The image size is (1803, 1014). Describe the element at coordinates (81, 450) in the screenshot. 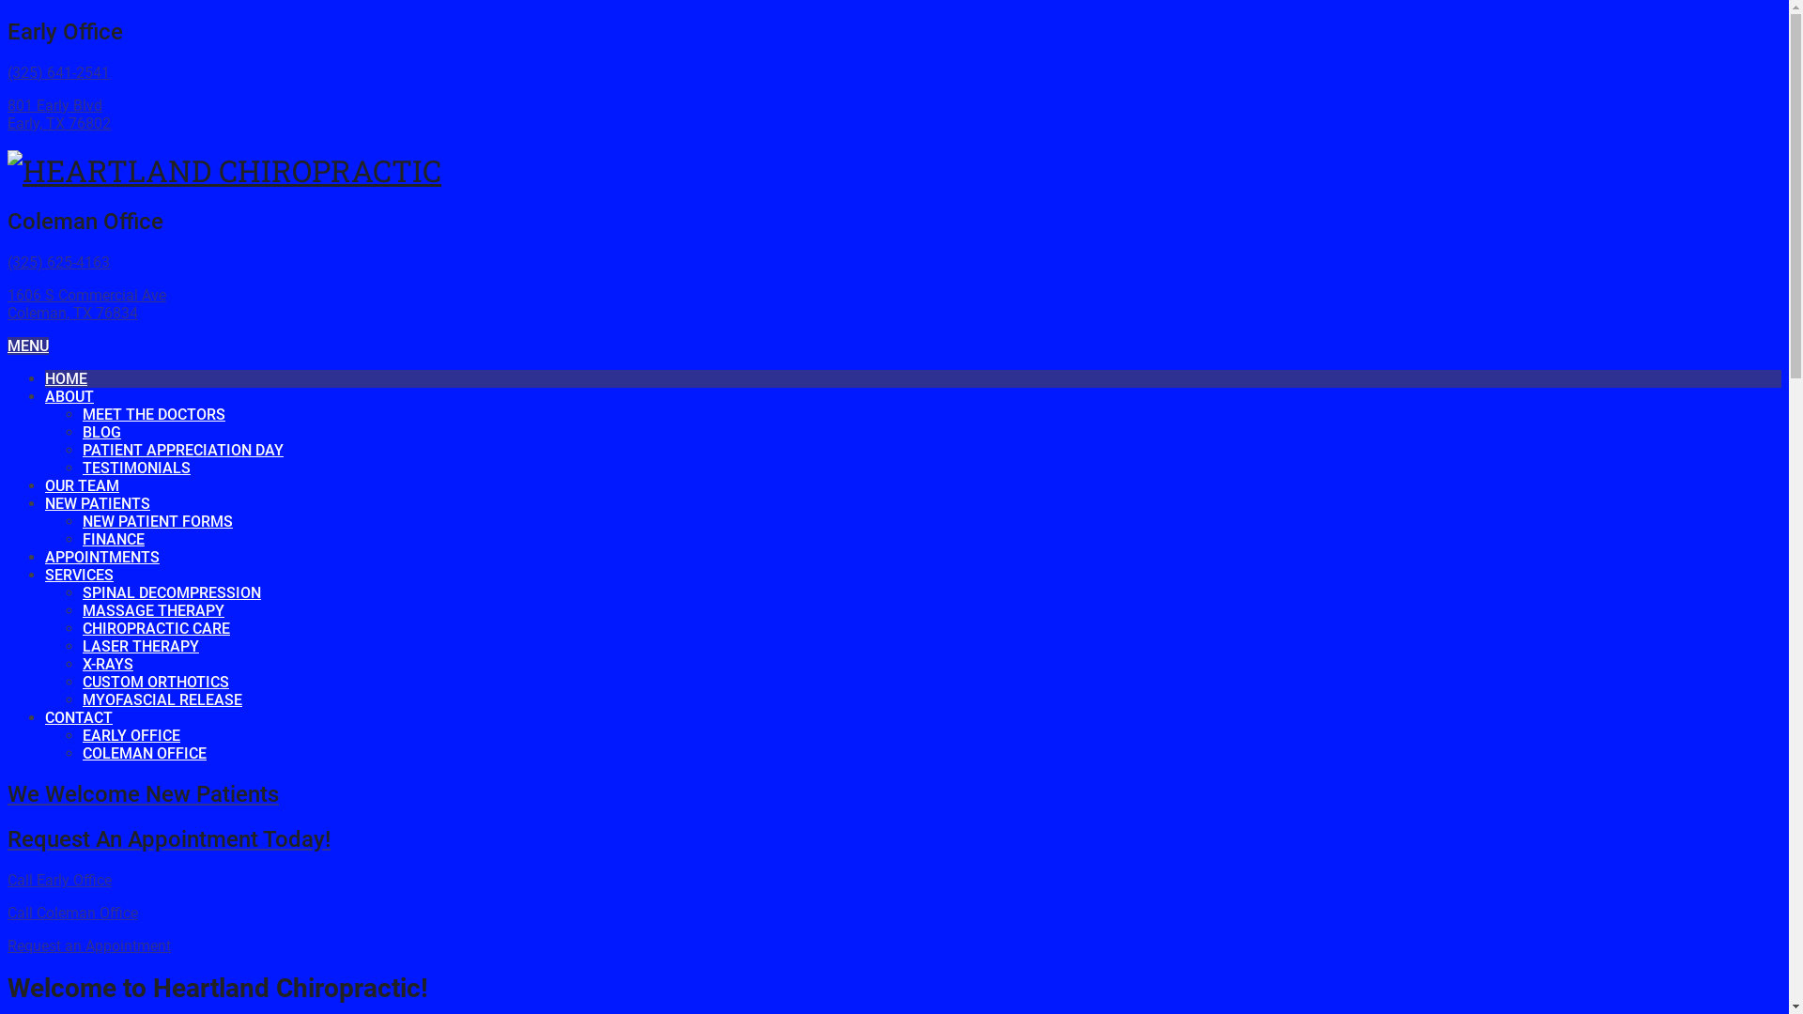

I see `'PATIENT APPRECIATION DAY'` at that location.